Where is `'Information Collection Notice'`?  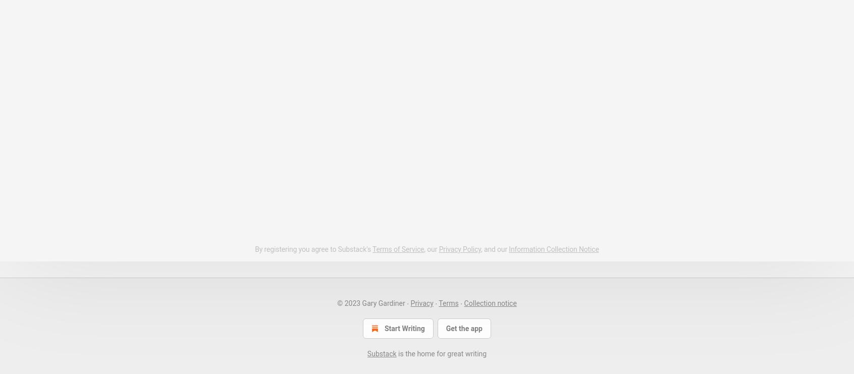
'Information Collection Notice' is located at coordinates (508, 249).